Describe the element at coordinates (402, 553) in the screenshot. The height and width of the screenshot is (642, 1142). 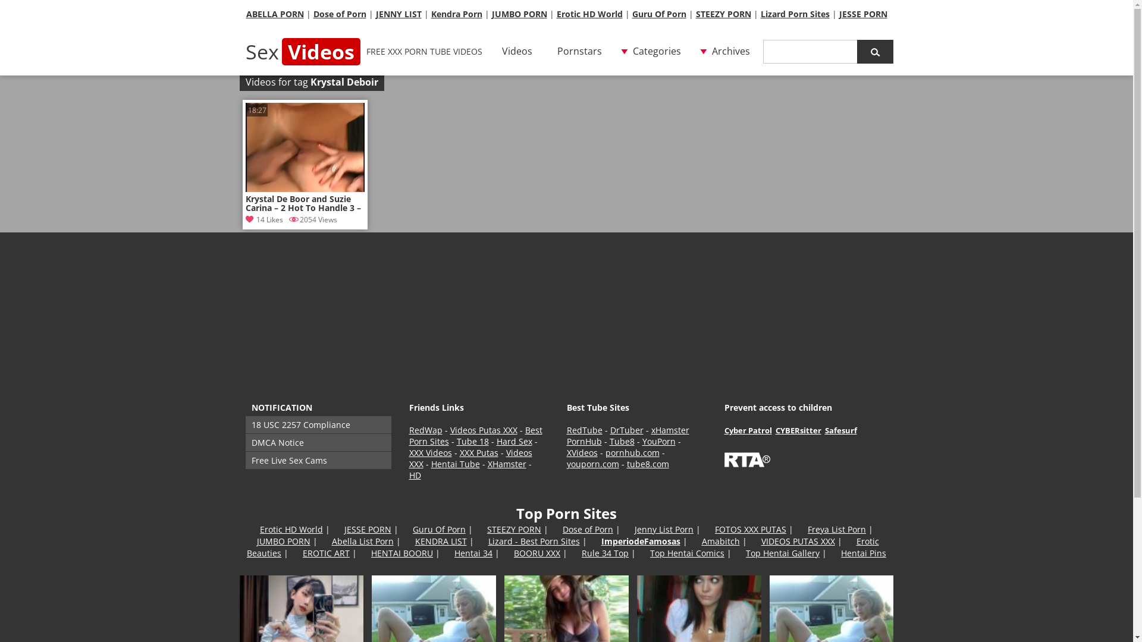
I see `'HENTAI BOORU'` at that location.